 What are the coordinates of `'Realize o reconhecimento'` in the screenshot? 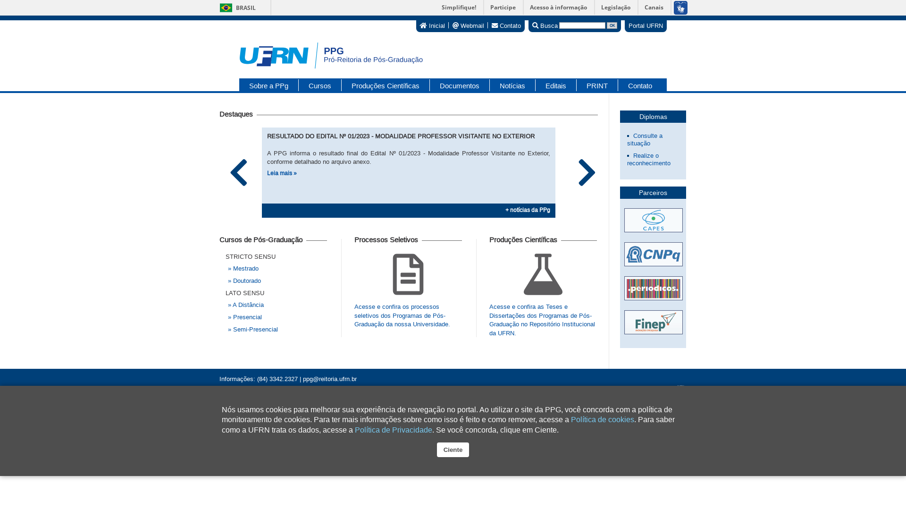 It's located at (648, 159).